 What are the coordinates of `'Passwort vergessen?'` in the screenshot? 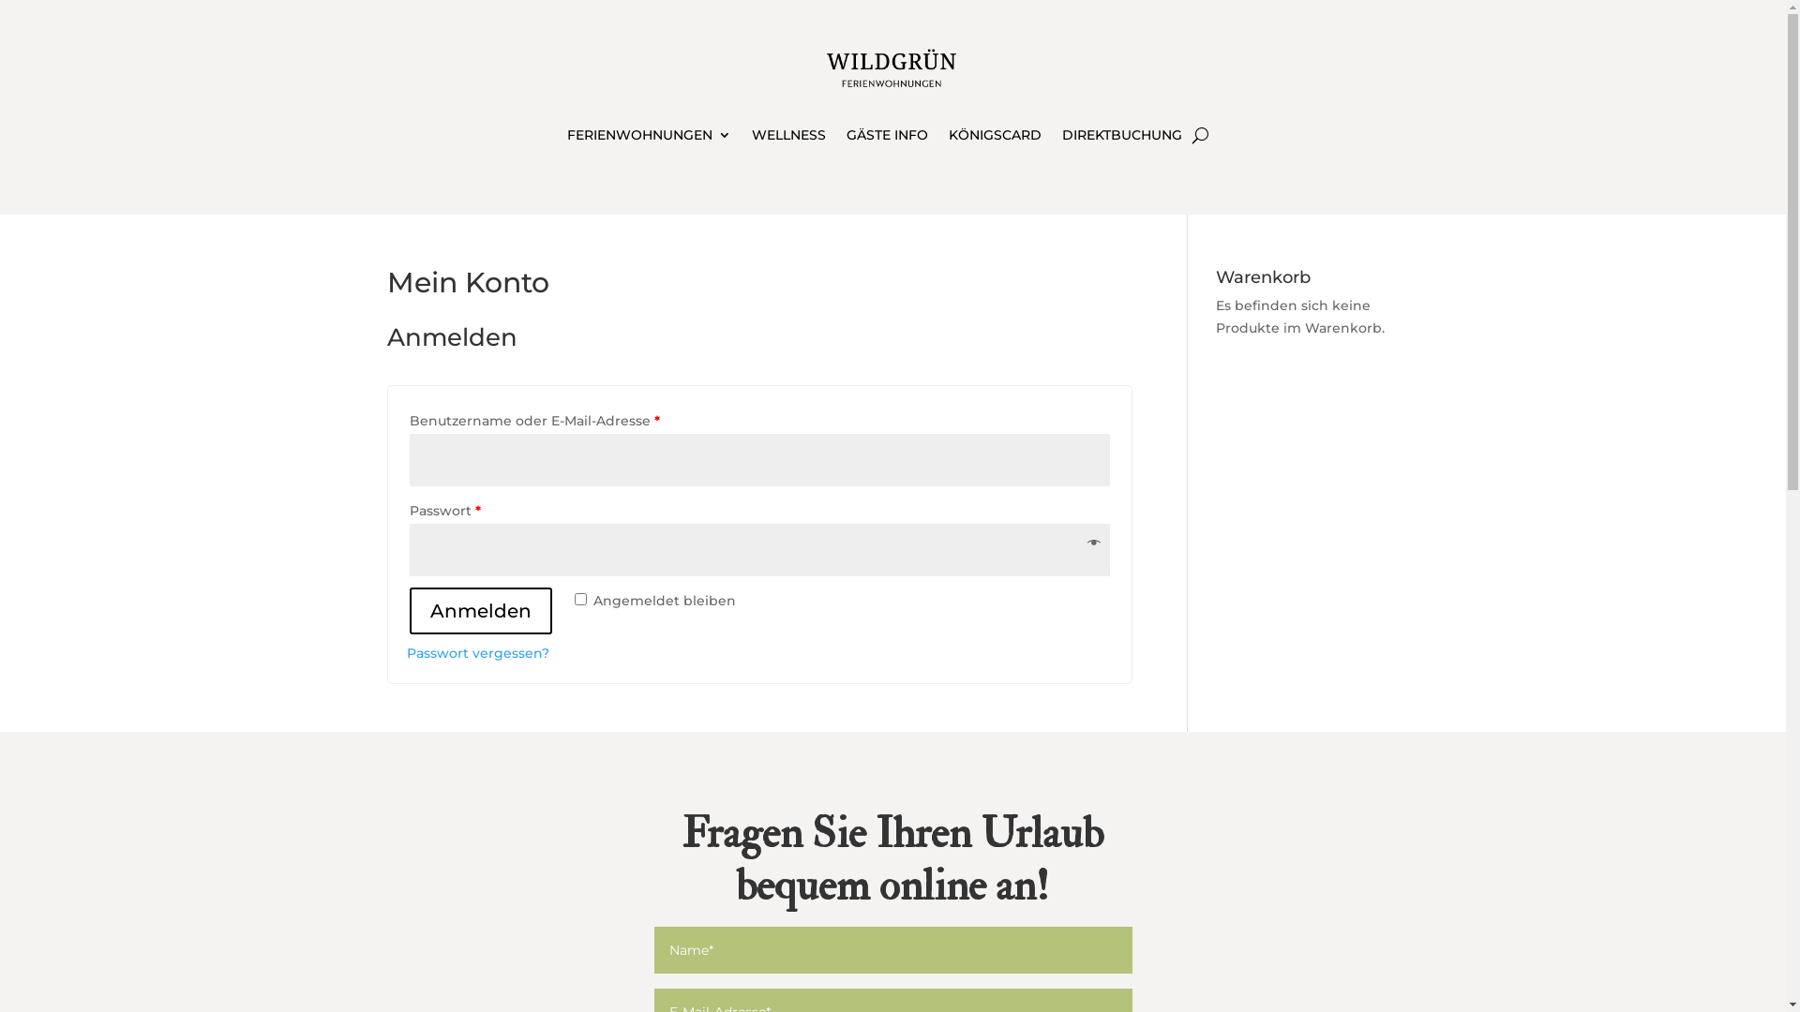 It's located at (477, 652).